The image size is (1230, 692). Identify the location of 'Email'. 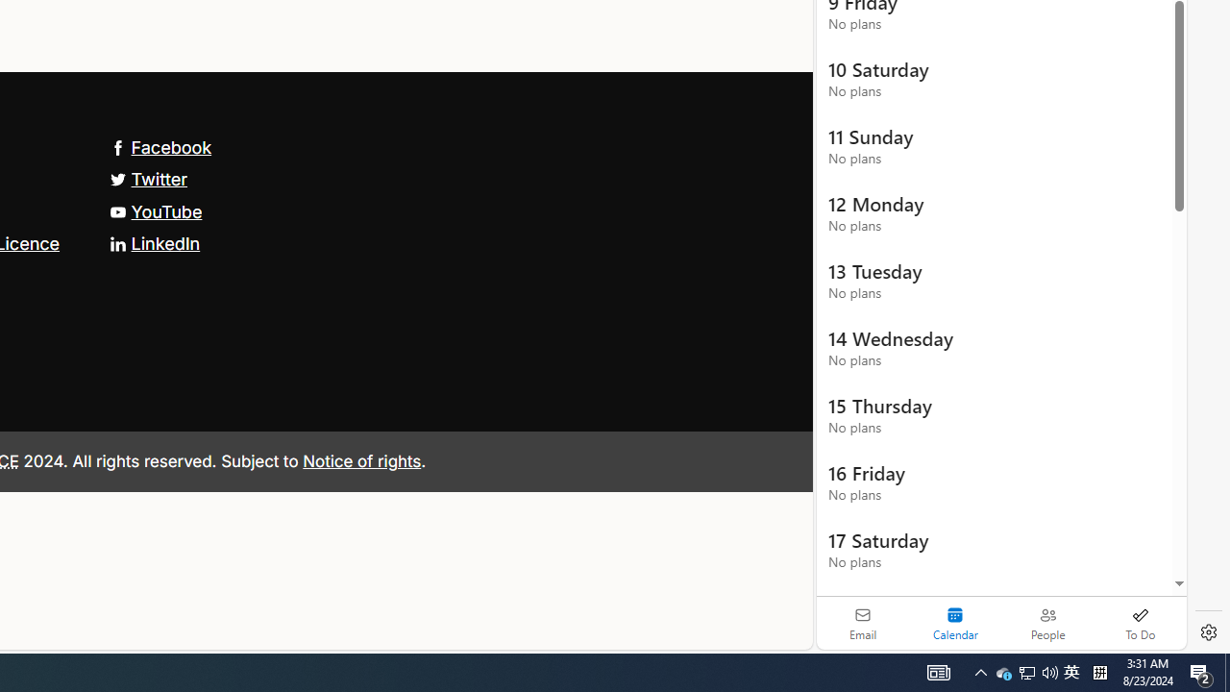
(862, 623).